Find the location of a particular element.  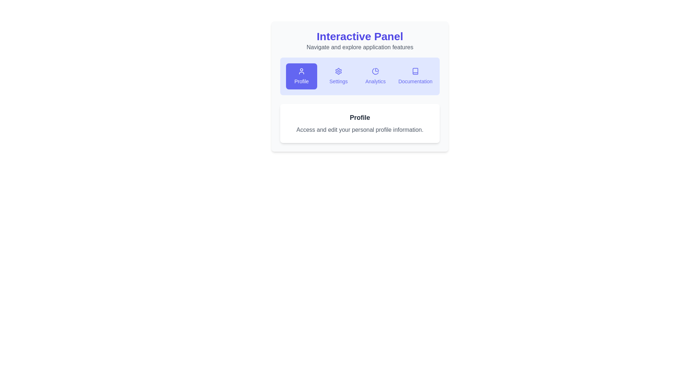

the 'Profile' text label element, which is displayed in bold and large font, styled in dark gray, and located above a description within a content card is located at coordinates (360, 117).